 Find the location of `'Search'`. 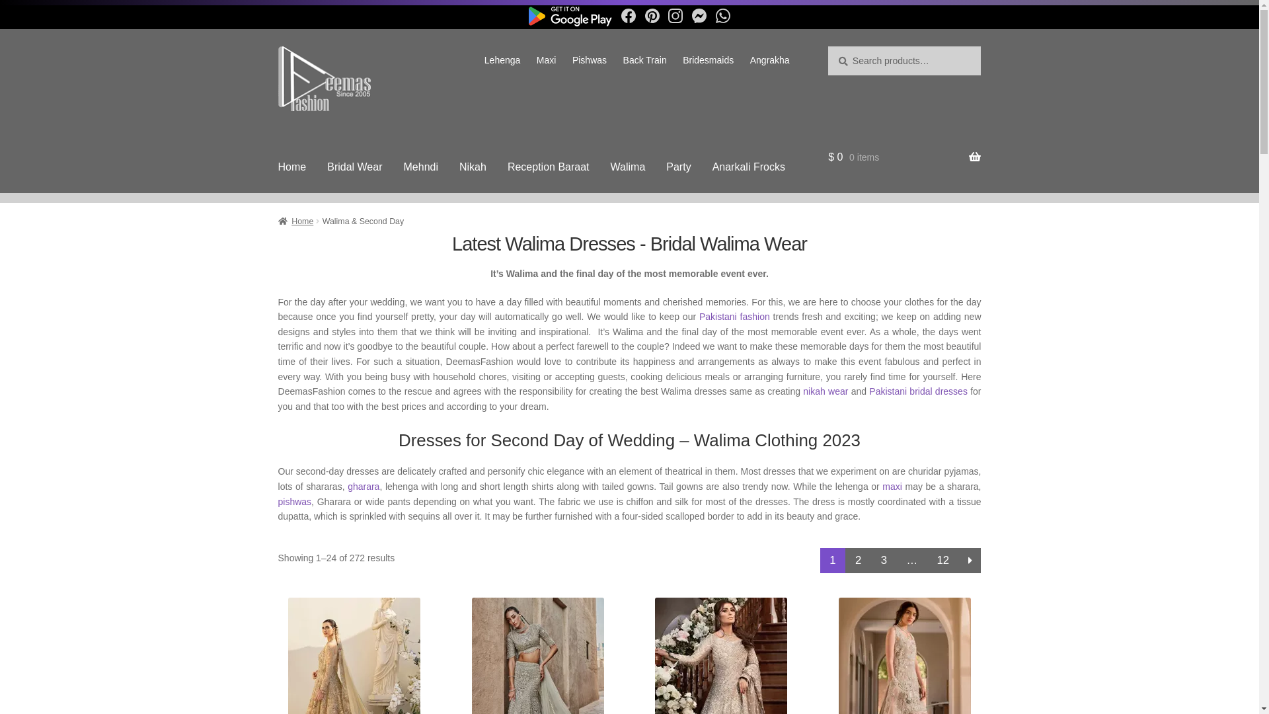

'Search' is located at coordinates (827, 45).